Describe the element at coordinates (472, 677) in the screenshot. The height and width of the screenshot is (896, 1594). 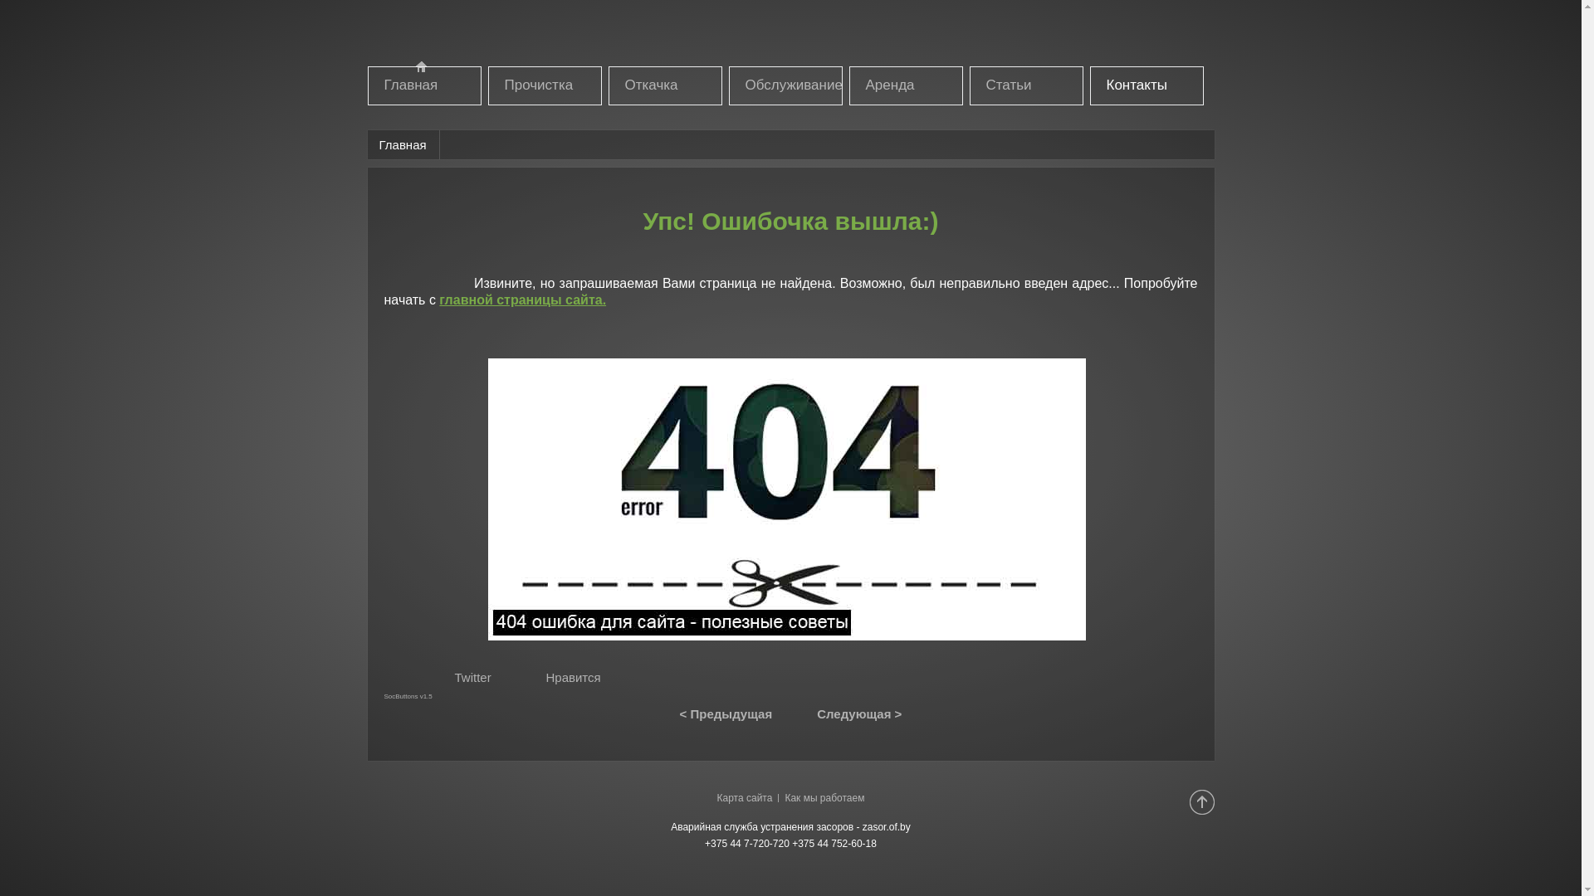
I see `'Twitter'` at that location.